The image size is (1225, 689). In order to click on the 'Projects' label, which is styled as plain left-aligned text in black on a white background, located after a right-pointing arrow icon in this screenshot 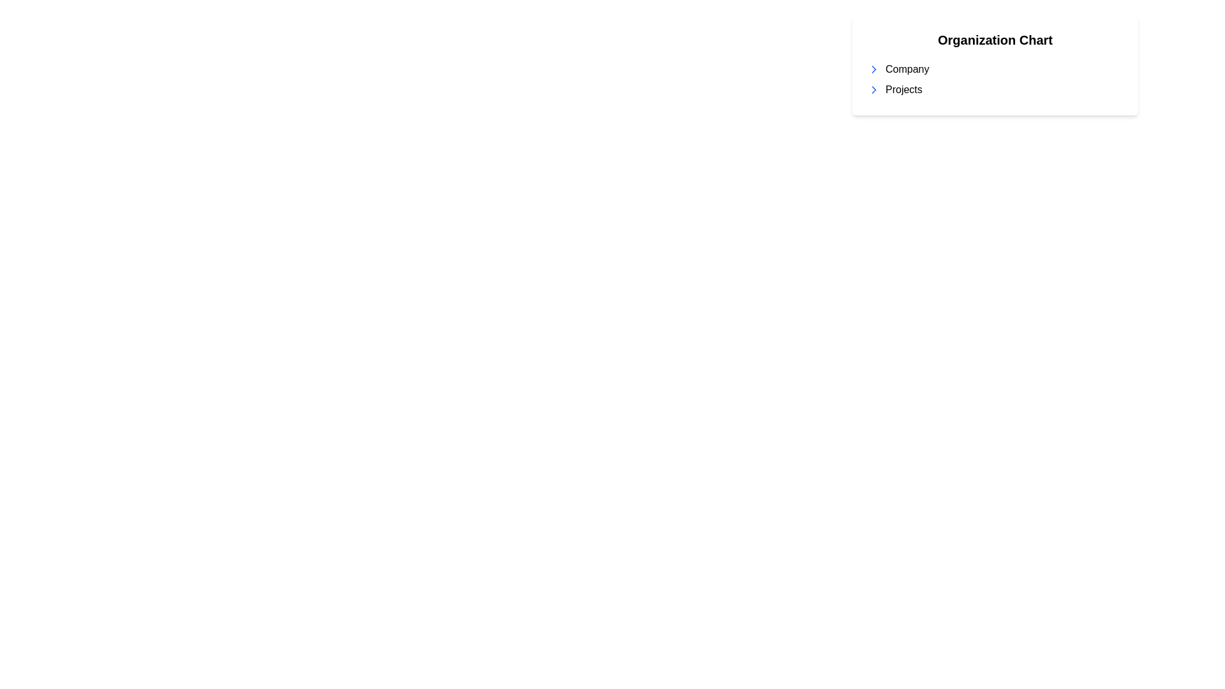, I will do `click(903, 89)`.